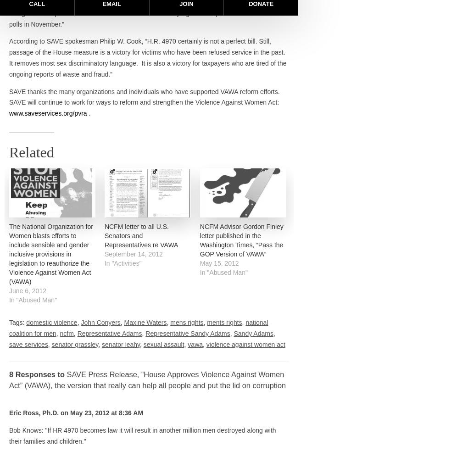 This screenshot has width=468, height=451. What do you see at coordinates (145, 322) in the screenshot?
I see `'Maxine Waters'` at bounding box center [145, 322].